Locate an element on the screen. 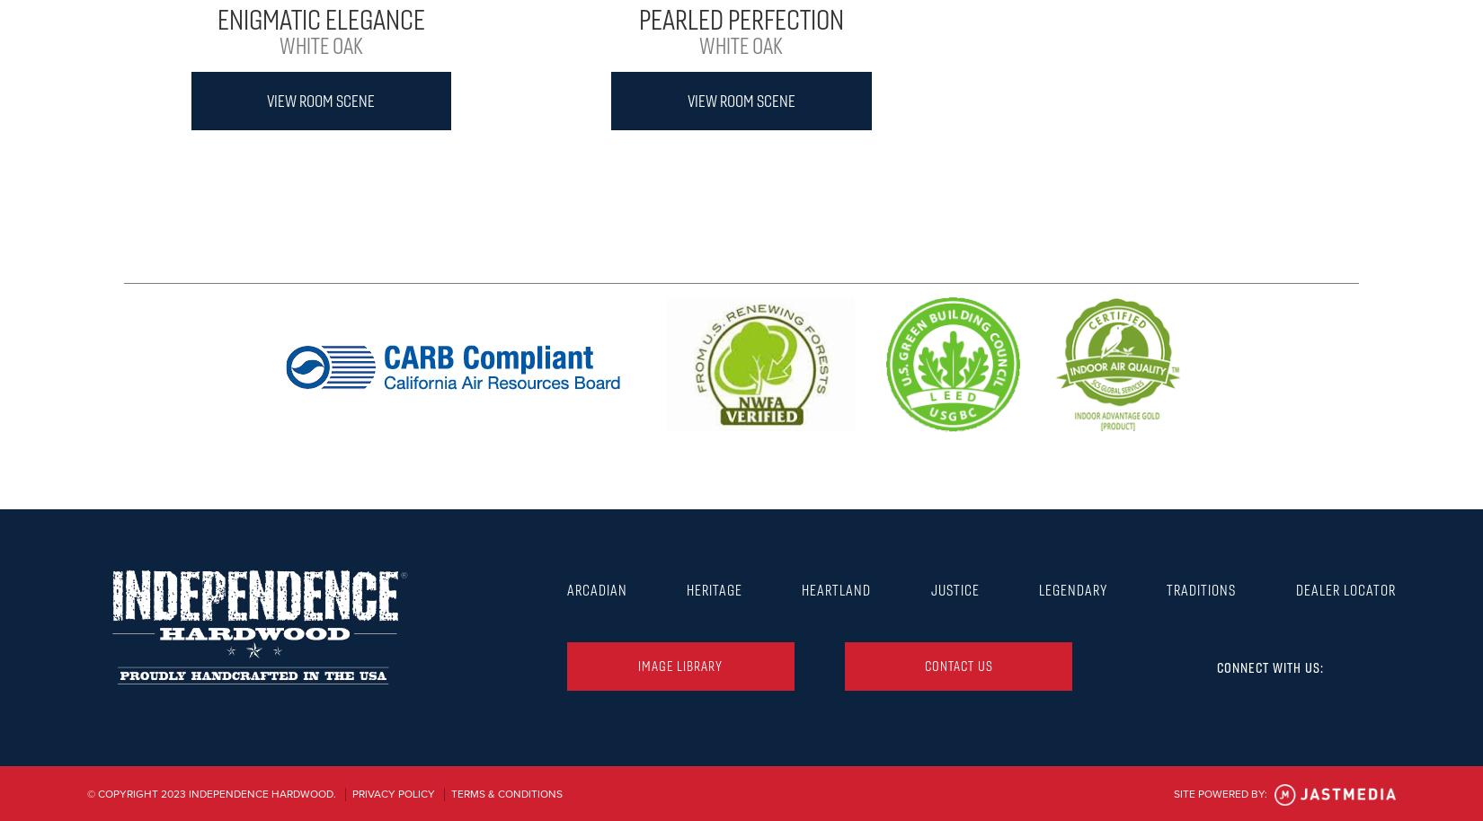  '© Copyright 2023 Independence Hardwood.' is located at coordinates (212, 792).